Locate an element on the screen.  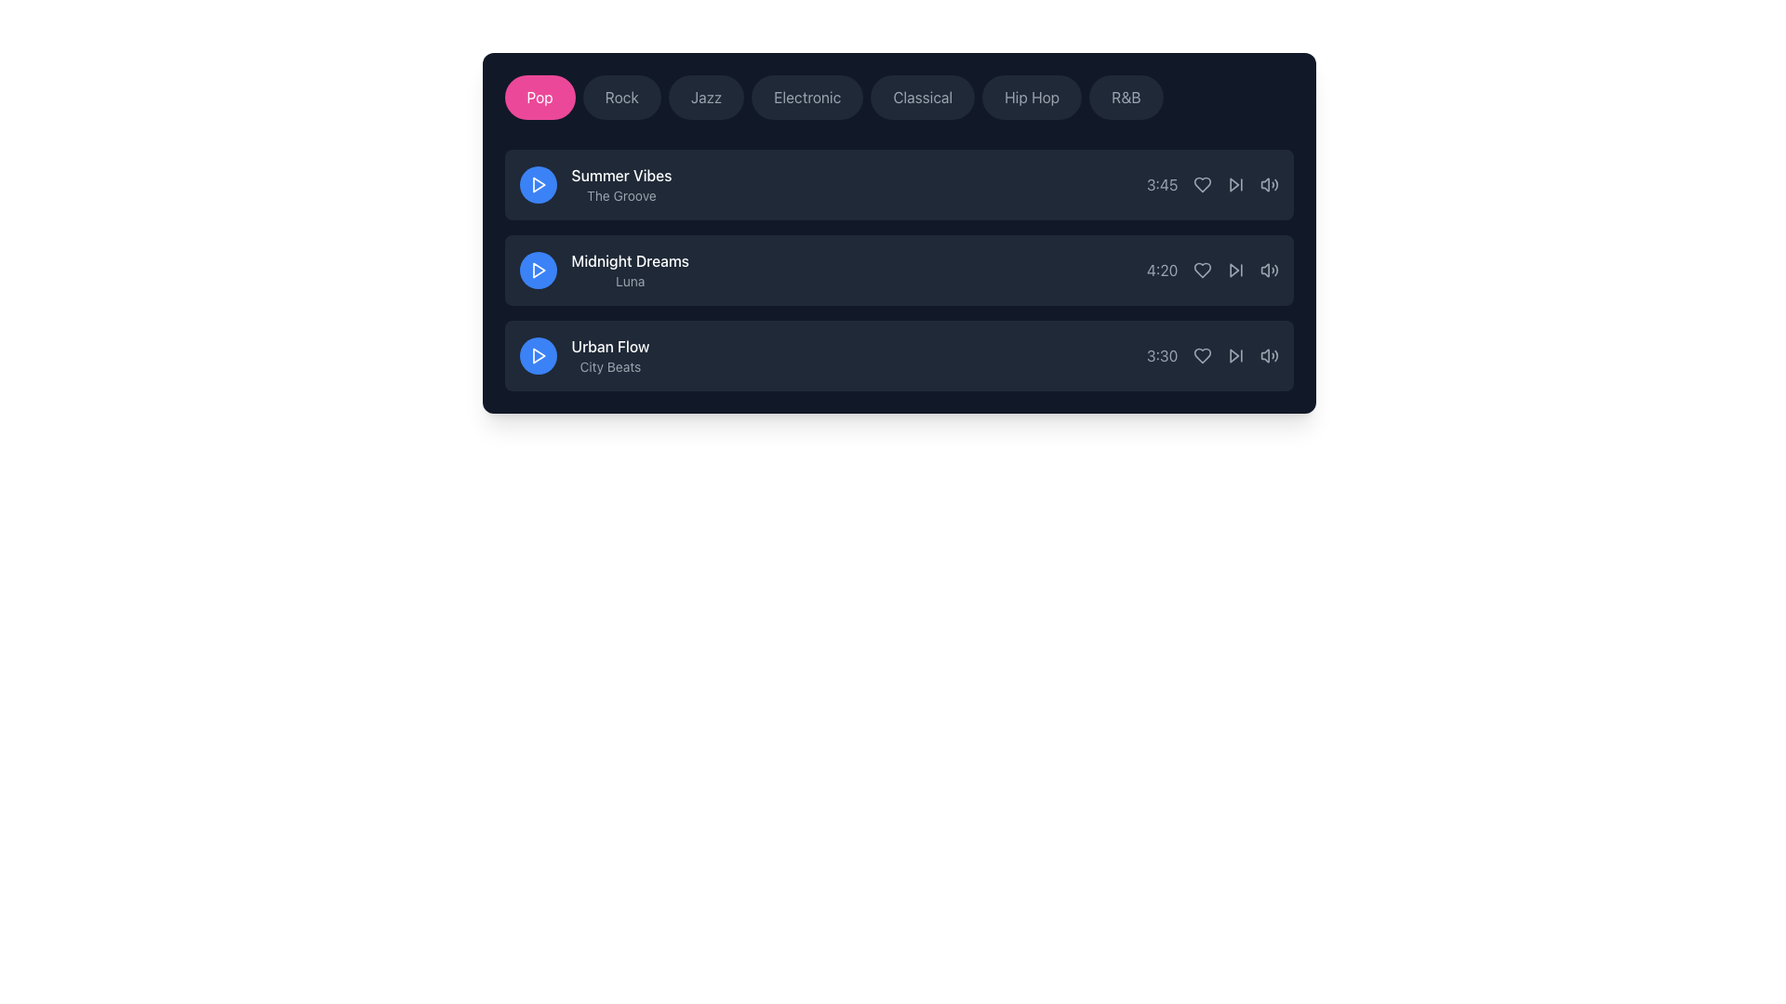
the first play button for the song 'Summer Vibes - The Groove' is located at coordinates (537, 185).